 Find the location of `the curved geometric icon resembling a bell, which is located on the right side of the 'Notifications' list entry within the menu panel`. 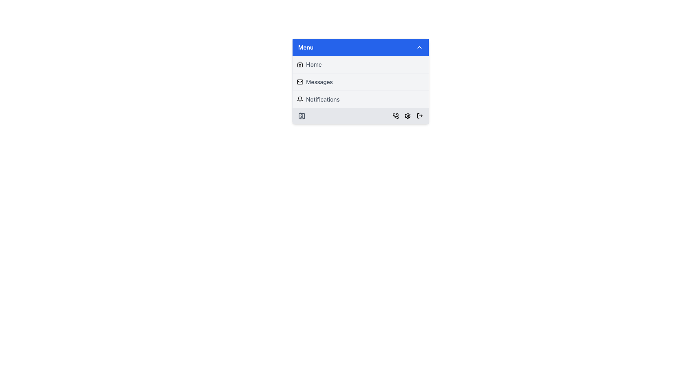

the curved geometric icon resembling a bell, which is located on the right side of the 'Notifications' list entry within the menu panel is located at coordinates (300, 99).